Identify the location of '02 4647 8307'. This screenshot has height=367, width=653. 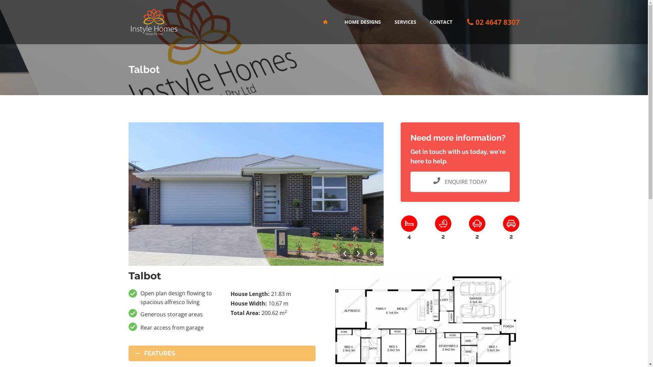
(498, 22).